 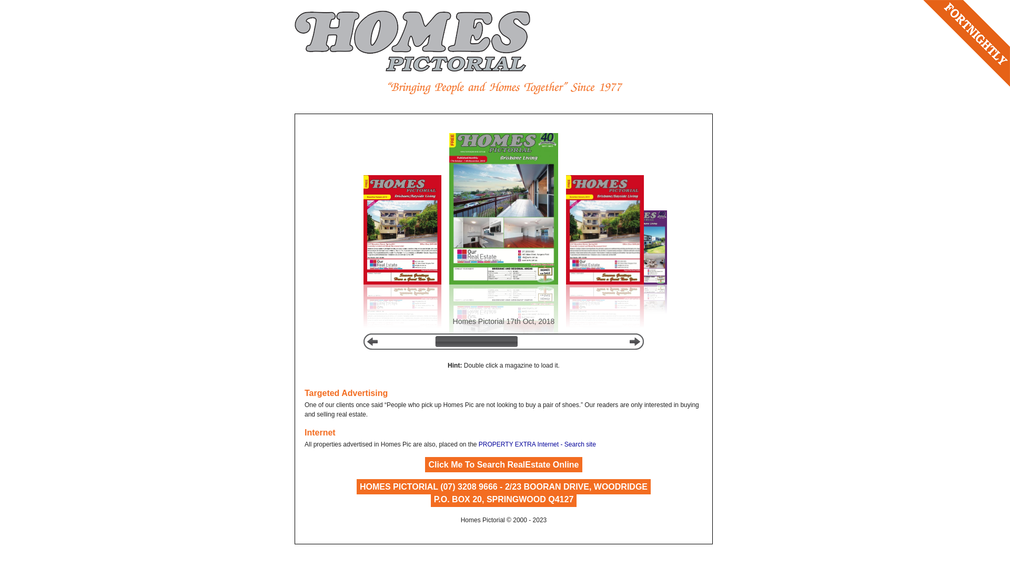 What do you see at coordinates (502, 464) in the screenshot?
I see `'Click Me To Search RealEstate Online'` at bounding box center [502, 464].